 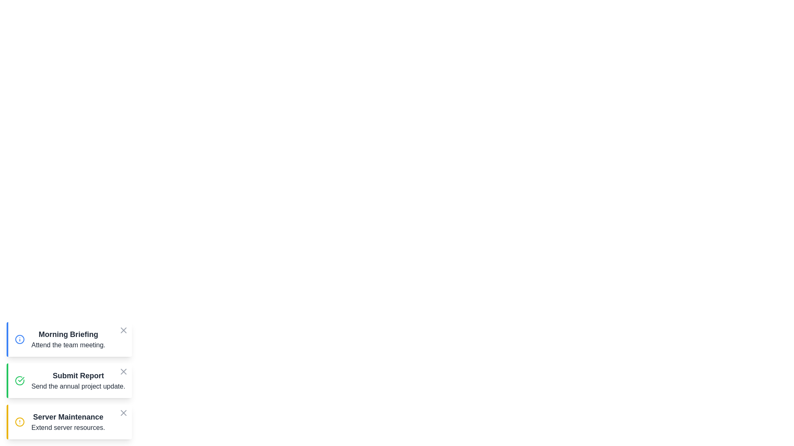 I want to click on the close button located in the top-right corner of the 'Morning Briefing' notification card, so click(x=123, y=330).